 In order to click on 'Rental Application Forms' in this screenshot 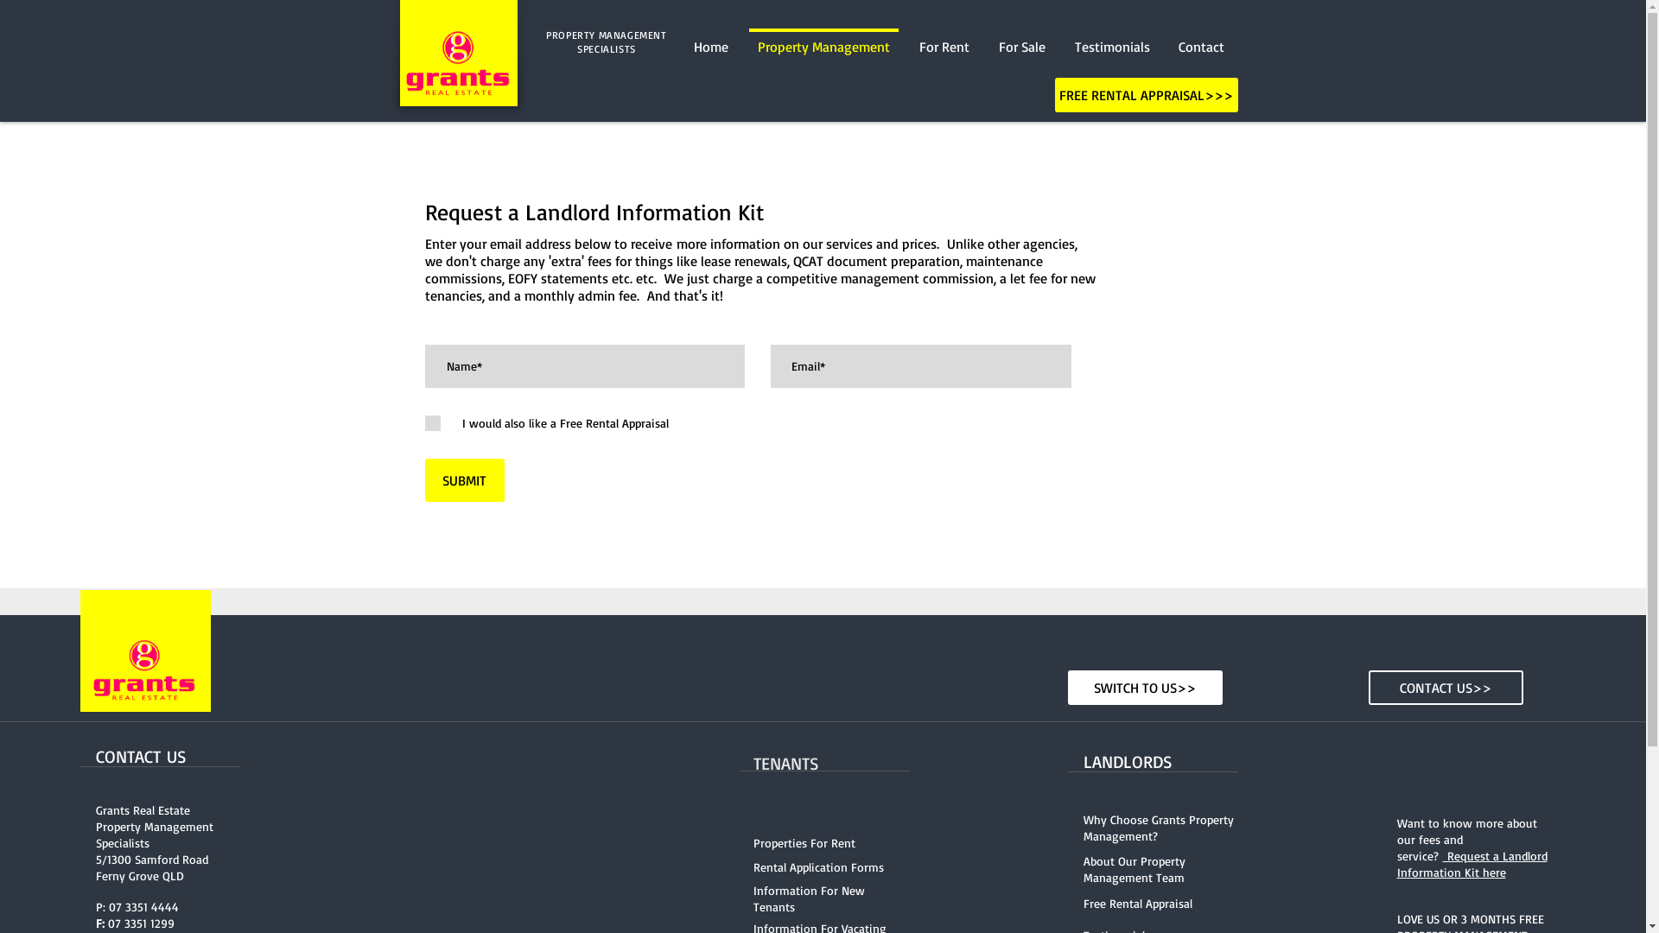, I will do `click(817, 868)`.